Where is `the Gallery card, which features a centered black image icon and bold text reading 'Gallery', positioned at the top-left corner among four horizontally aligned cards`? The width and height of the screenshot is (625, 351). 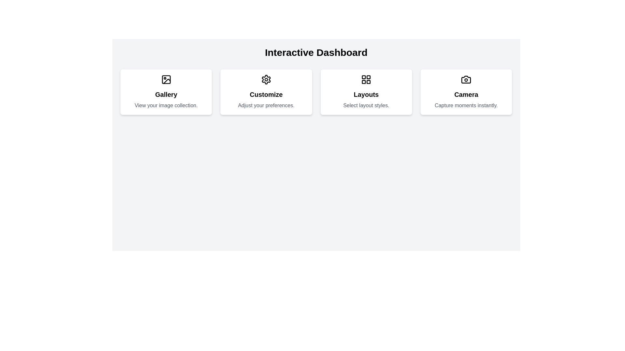
the Gallery card, which features a centered black image icon and bold text reading 'Gallery', positioned at the top-left corner among four horizontally aligned cards is located at coordinates (166, 92).